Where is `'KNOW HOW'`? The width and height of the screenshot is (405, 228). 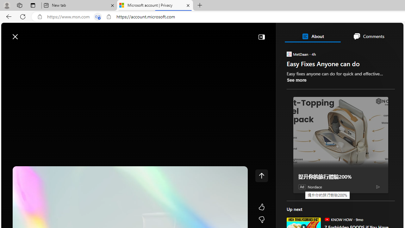
'KNOW HOW' is located at coordinates (327, 219).